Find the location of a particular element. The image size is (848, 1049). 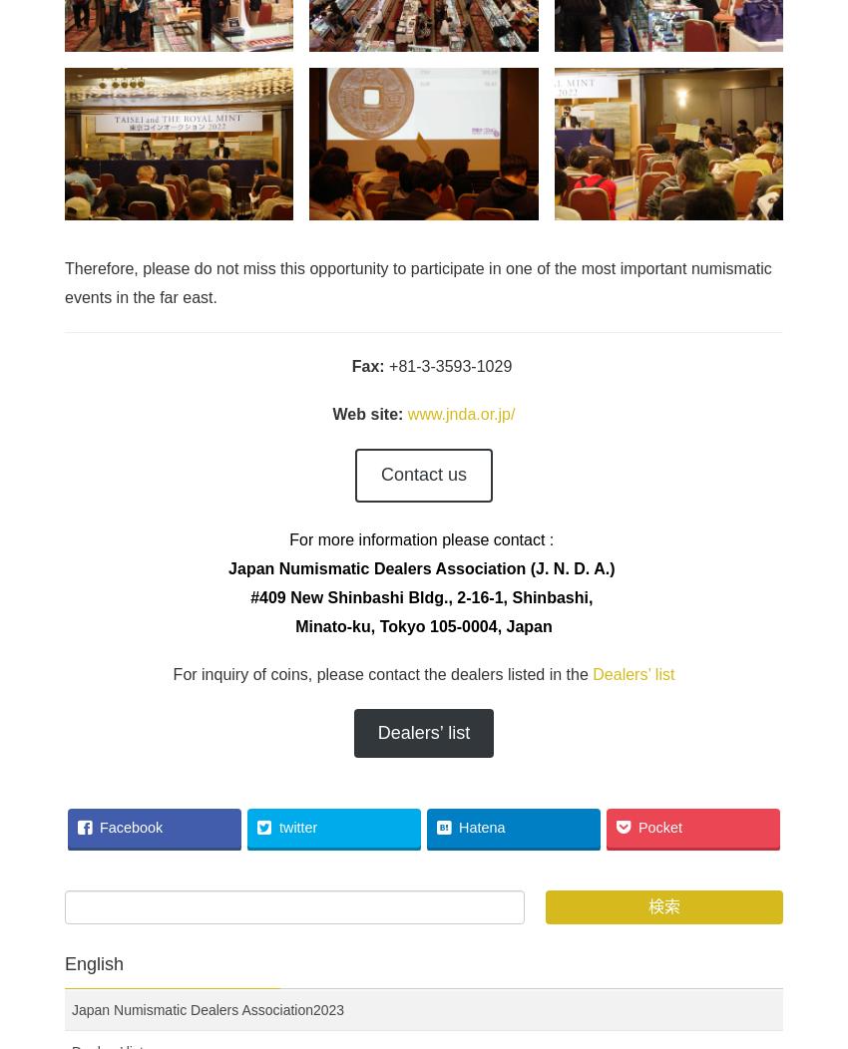

'Fax:' is located at coordinates (369, 366).